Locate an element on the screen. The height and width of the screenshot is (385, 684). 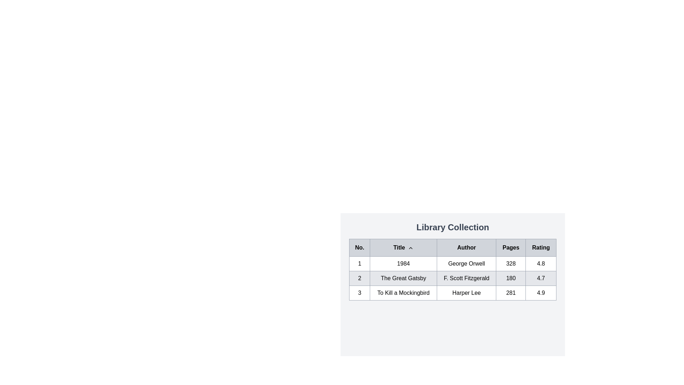
the non-interactive Text Display Field that shows the page count (281) for the book 'To Kill a Mockingbird' in the library collection table, located in the fourth column of the third row is located at coordinates (511, 293).